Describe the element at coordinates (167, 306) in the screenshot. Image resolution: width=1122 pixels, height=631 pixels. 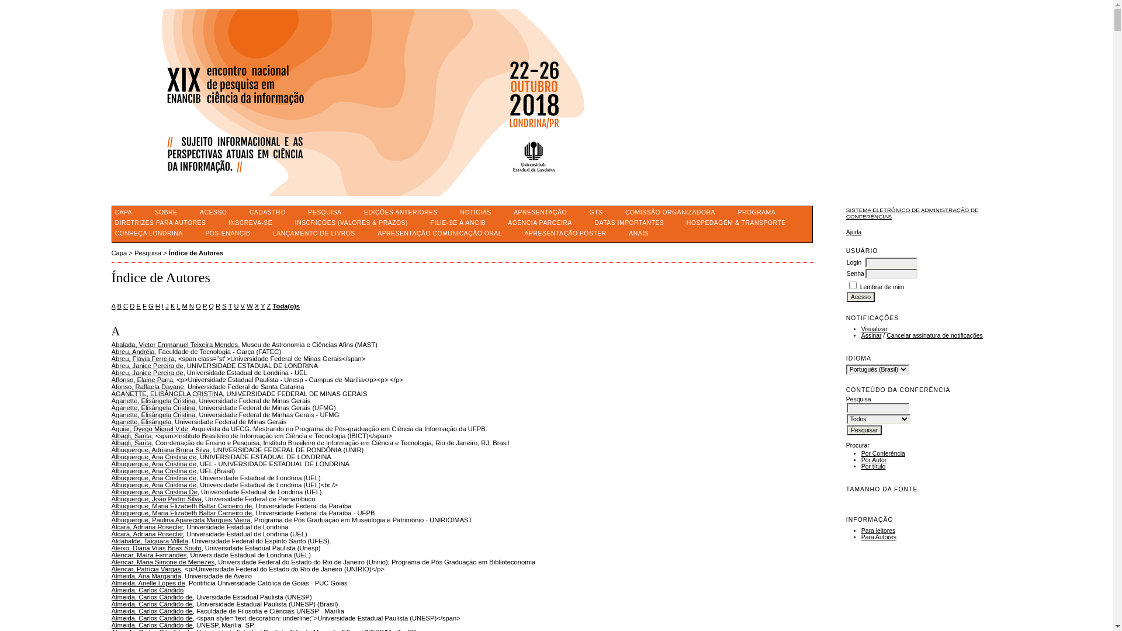
I see `'J'` at that location.